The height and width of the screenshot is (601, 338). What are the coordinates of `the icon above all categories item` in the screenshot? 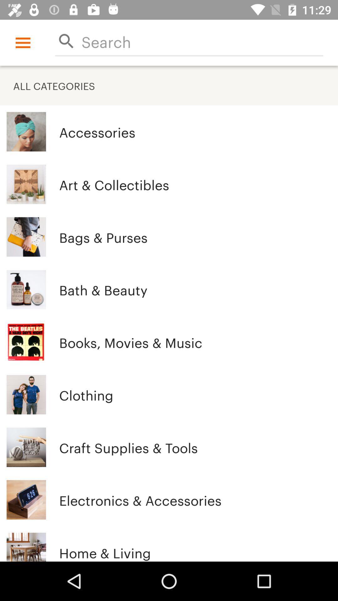 It's located at (23, 42).